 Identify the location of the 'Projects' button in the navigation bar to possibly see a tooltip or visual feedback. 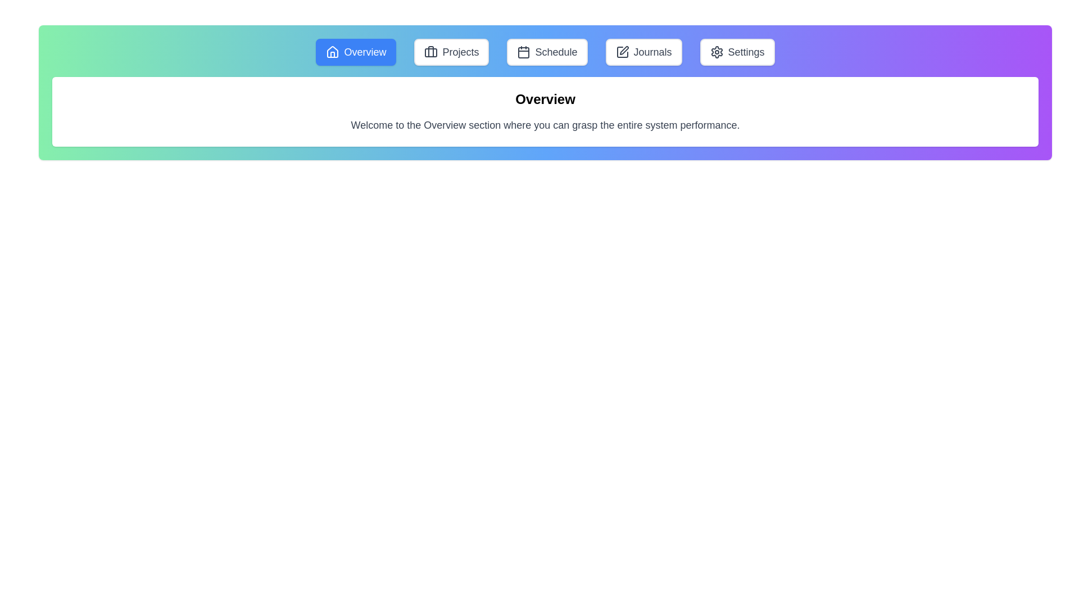
(451, 52).